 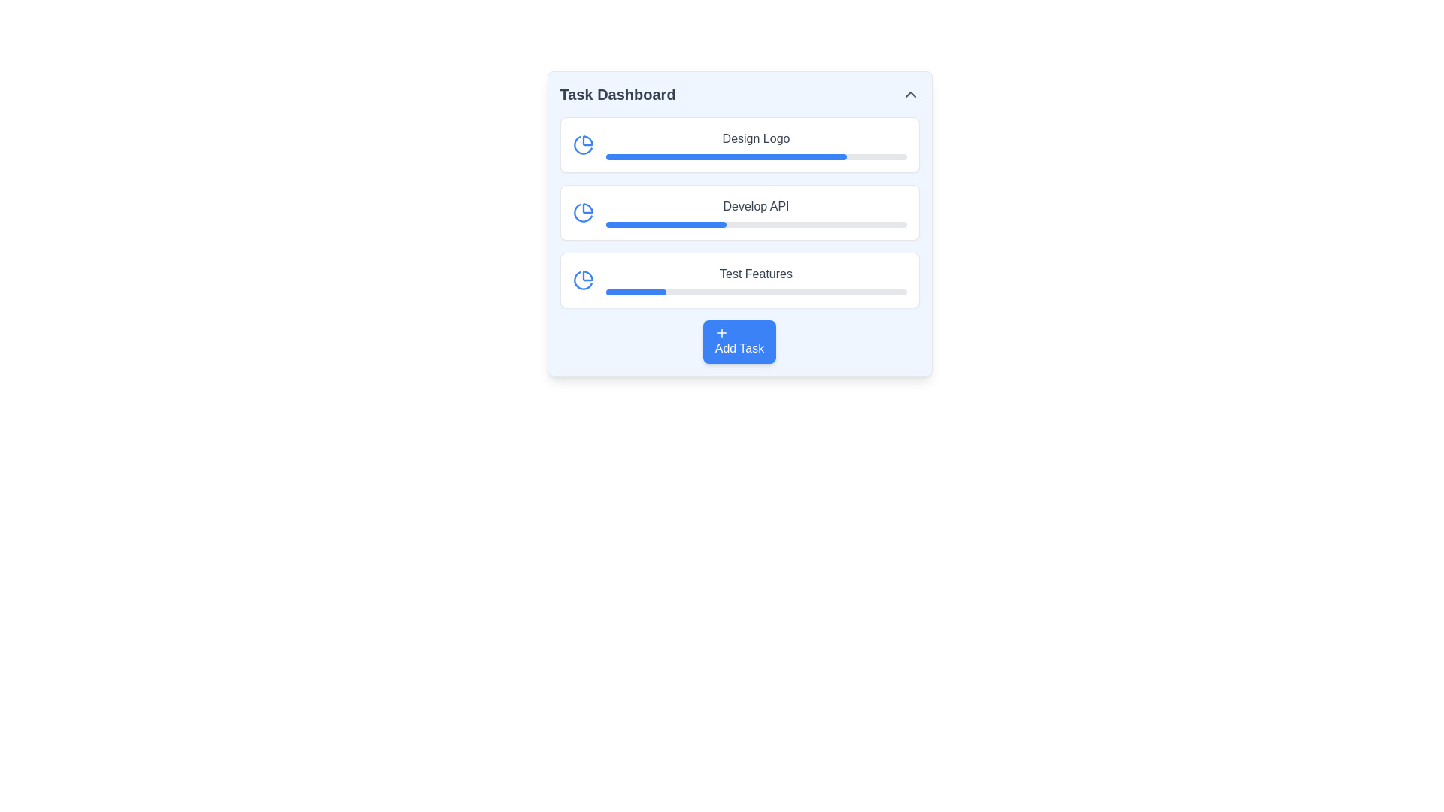 What do you see at coordinates (756, 280) in the screenshot?
I see `the progress bar labeled 'Test Features' in the 'Task Dashboard' section to update task progress` at bounding box center [756, 280].